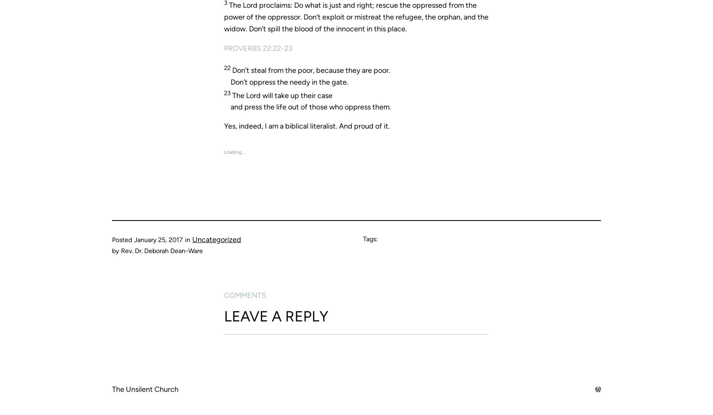 The width and height of the screenshot is (713, 415). I want to click on 'Leave a Reply', so click(275, 315).